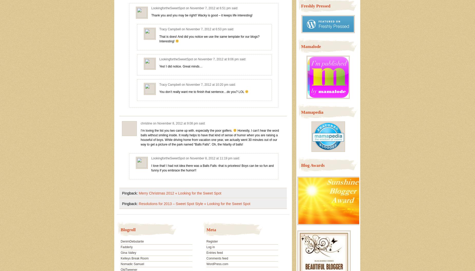  Describe the element at coordinates (217, 258) in the screenshot. I see `'Comments feed'` at that location.